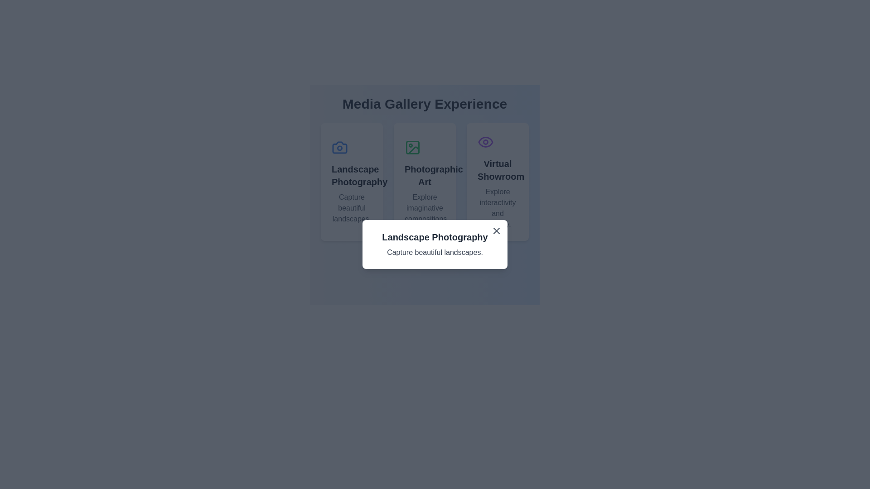  I want to click on text label 'Virtual Showroom' which is styled in large bold font and positioned above the descriptive text in the middle card of a three-card layout, so click(497, 170).